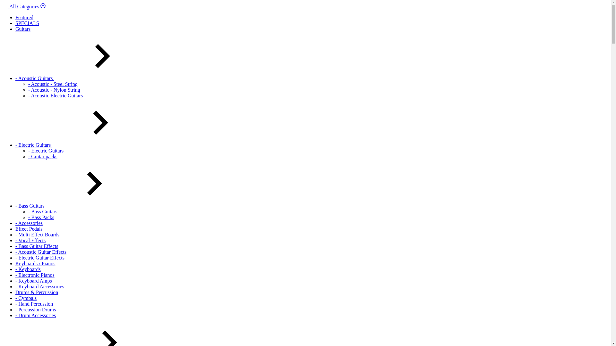 This screenshot has width=616, height=346. Describe the element at coordinates (28, 90) in the screenshot. I see `'- Acoustic - Nylon String'` at that location.